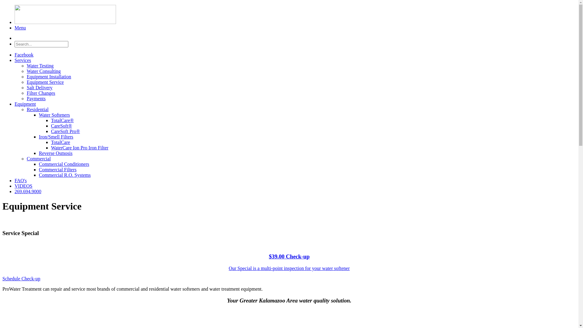  I want to click on '269.694.9000', so click(27, 191).